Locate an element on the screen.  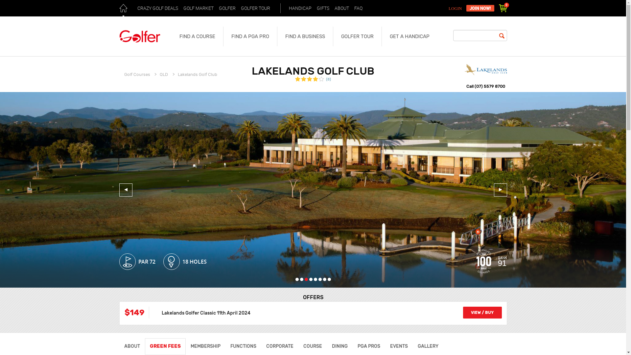
'CORPORATE' is located at coordinates (279, 346).